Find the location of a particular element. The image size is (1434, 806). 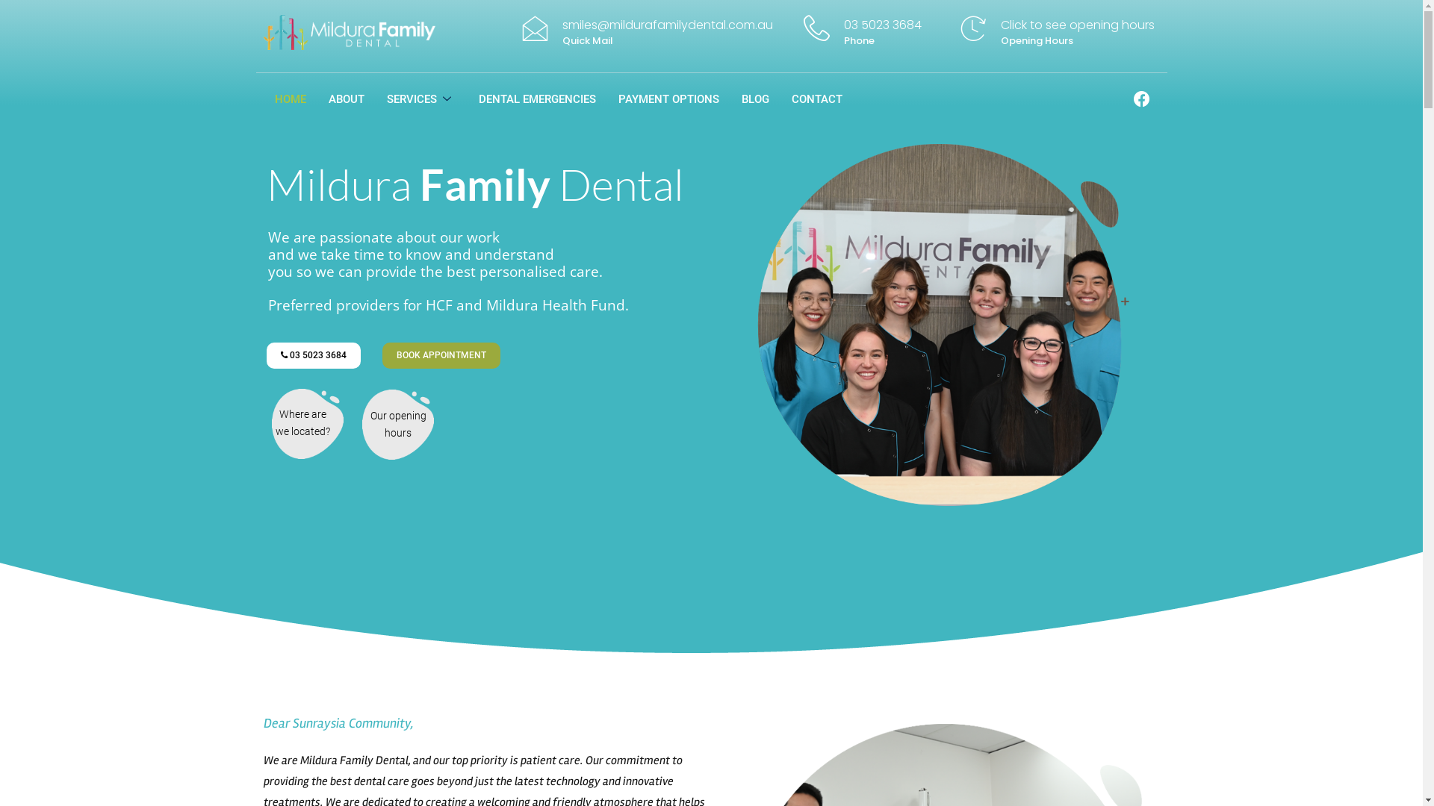

'DENTAL EMERGENCIES' is located at coordinates (466, 99).